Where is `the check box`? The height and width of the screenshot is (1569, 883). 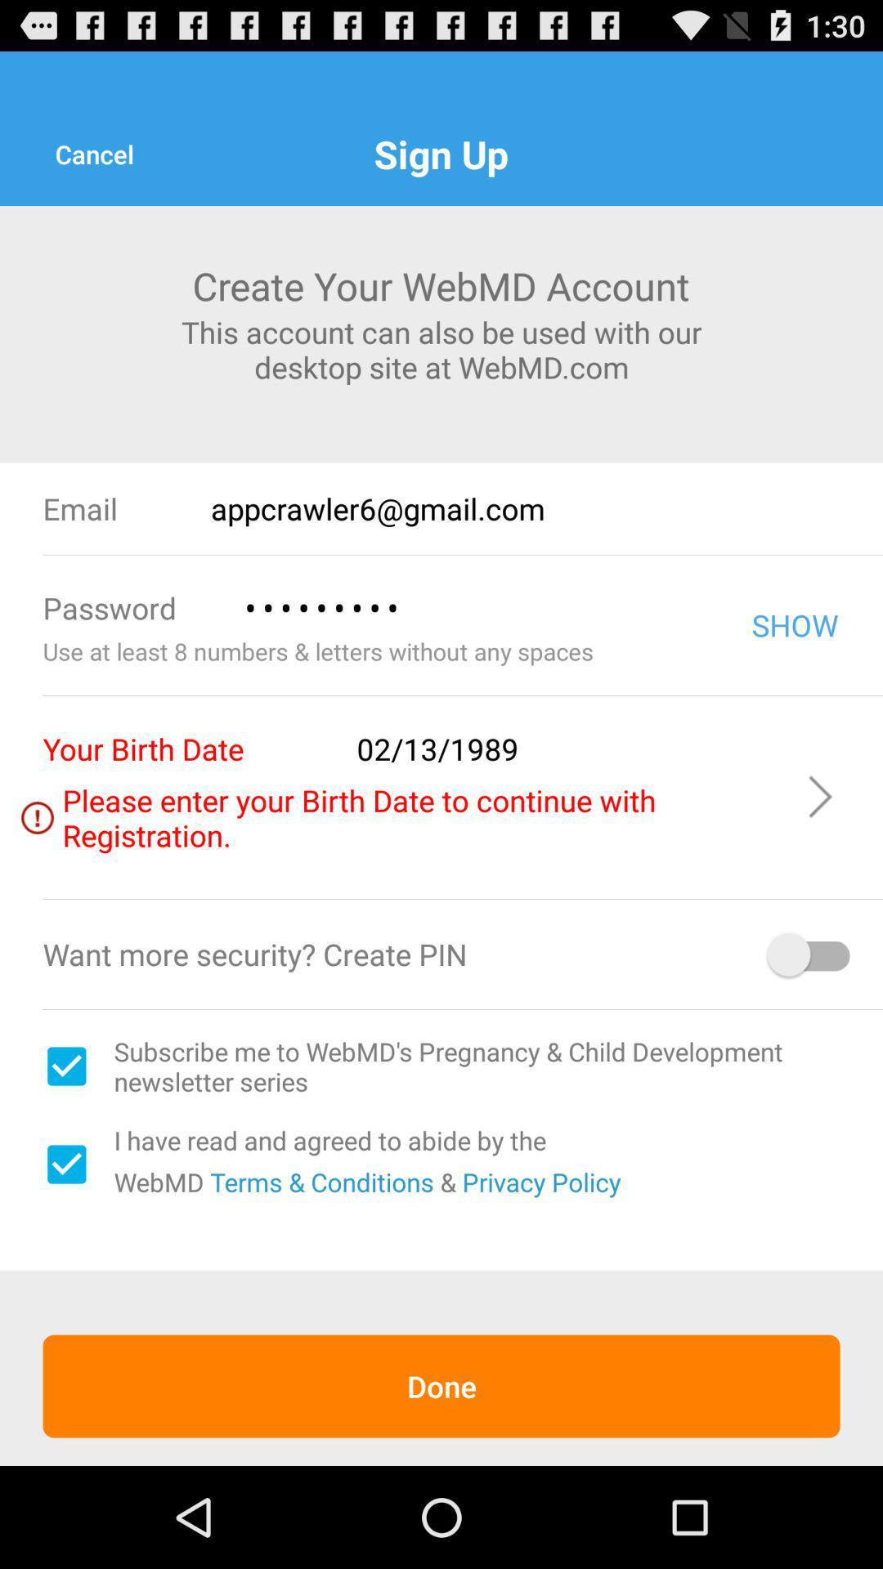 the check box is located at coordinates (65, 1164).